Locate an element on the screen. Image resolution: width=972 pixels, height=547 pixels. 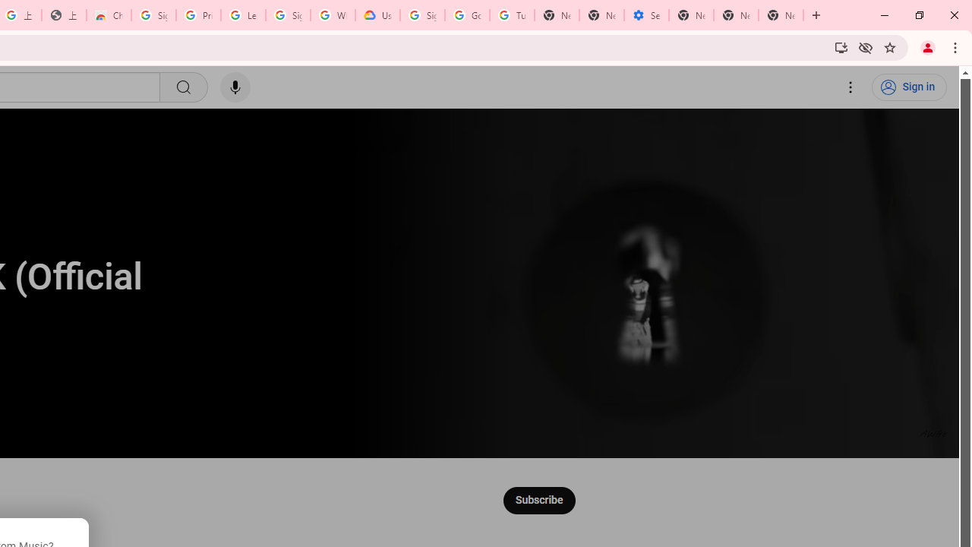
'Subscribe to Music.' is located at coordinates (538, 500).